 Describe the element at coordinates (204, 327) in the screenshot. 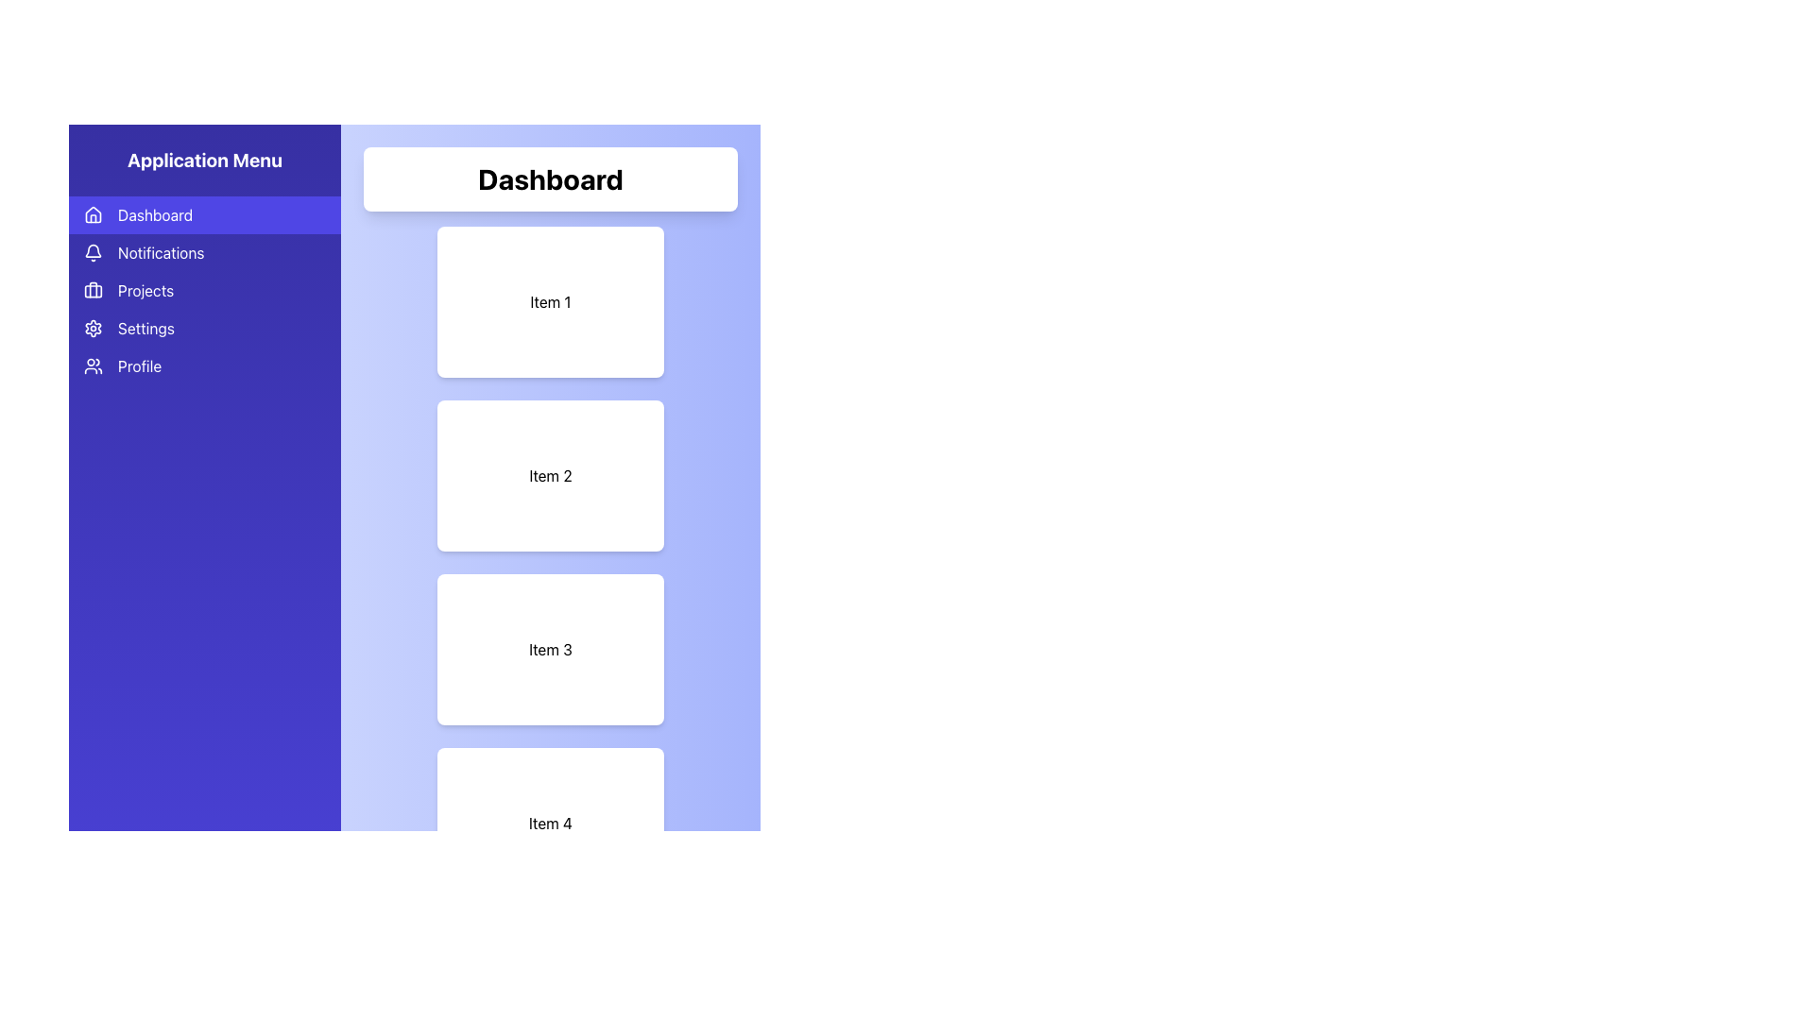

I see `the 'Settings' menu item in the vertical navigation menu` at that location.